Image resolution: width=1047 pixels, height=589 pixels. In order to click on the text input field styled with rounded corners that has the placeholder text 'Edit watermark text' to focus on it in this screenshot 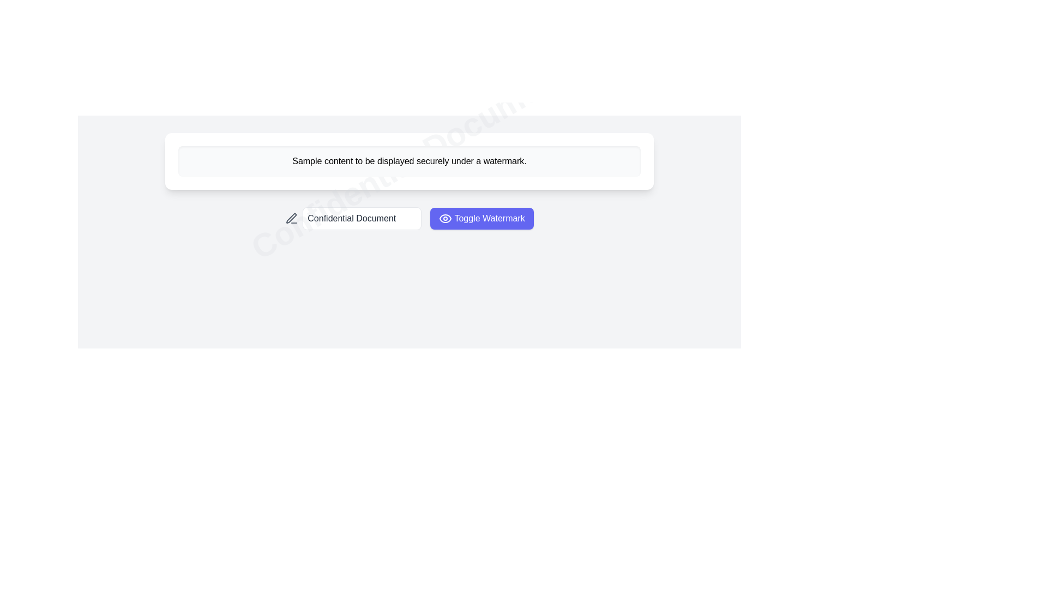, I will do `click(362, 219)`.